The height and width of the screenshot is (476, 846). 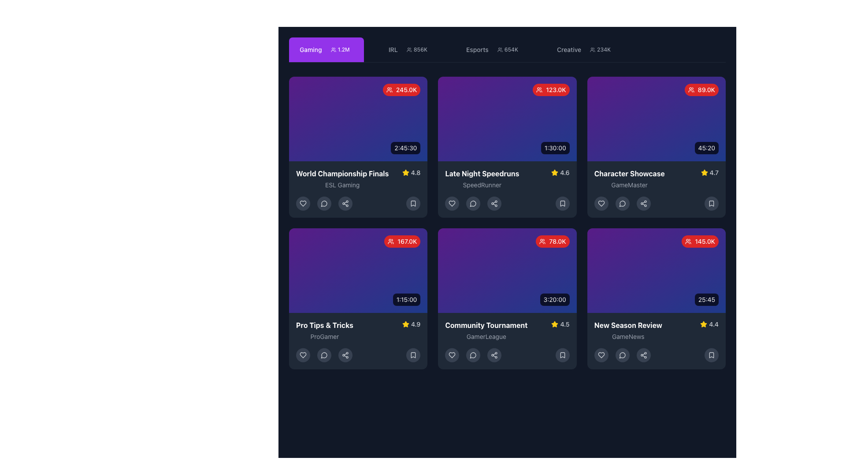 I want to click on the speech bubble icon located at the bottom section of the 'Late Night Speedruns' card, positioned between the heart-shaped icon and the share icon, so click(x=473, y=204).